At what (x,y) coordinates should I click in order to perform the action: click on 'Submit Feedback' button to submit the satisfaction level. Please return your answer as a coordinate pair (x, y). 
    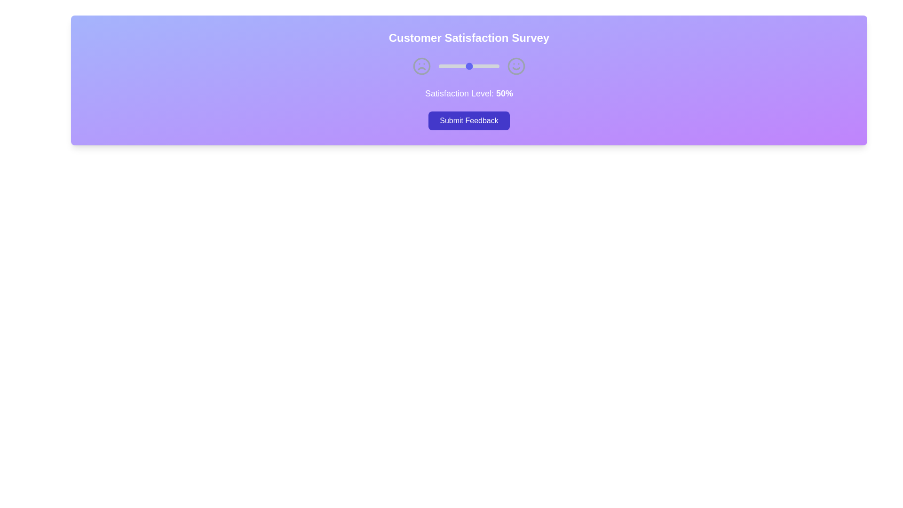
    Looking at the image, I should click on (469, 120).